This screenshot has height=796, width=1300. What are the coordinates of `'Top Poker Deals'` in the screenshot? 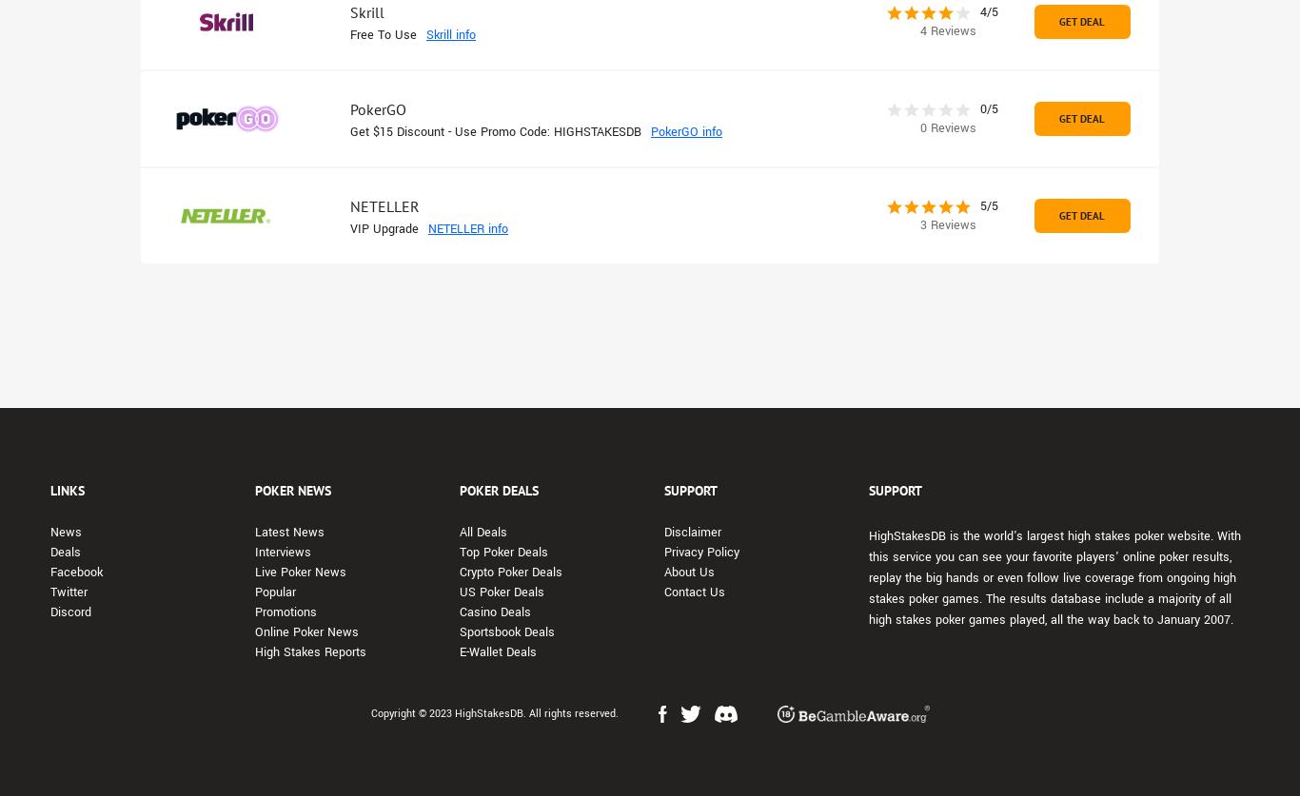 It's located at (503, 552).